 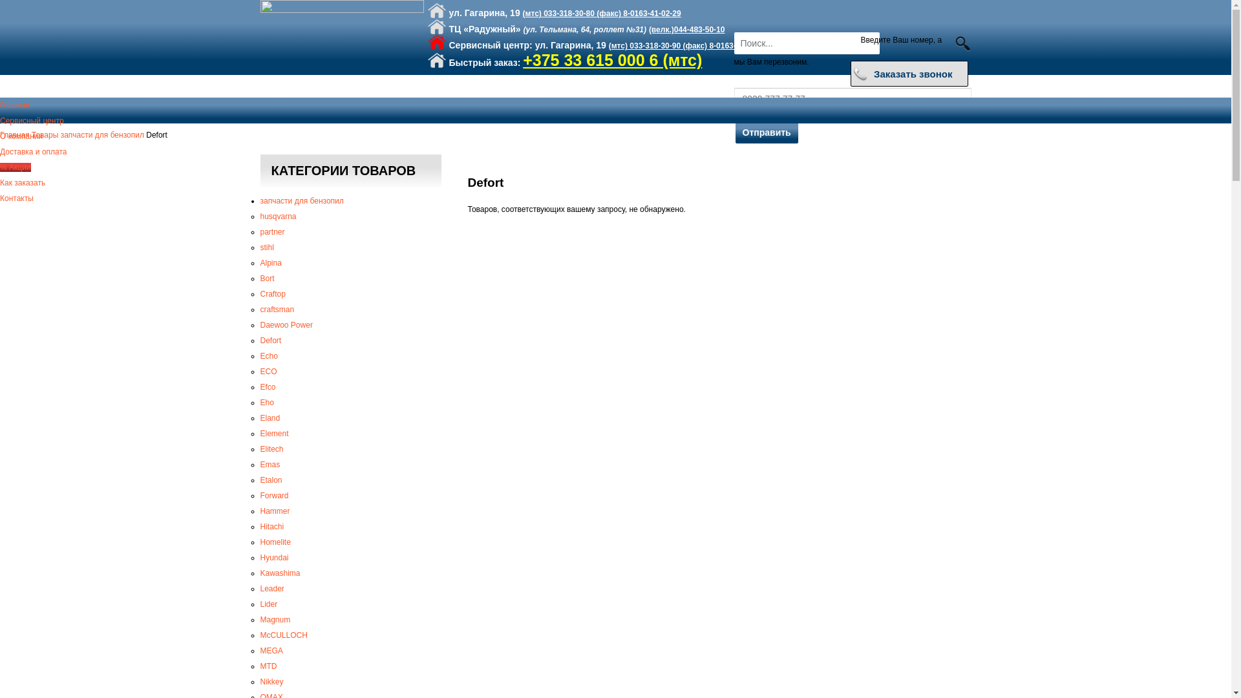 I want to click on 'Alpina', so click(x=270, y=262).